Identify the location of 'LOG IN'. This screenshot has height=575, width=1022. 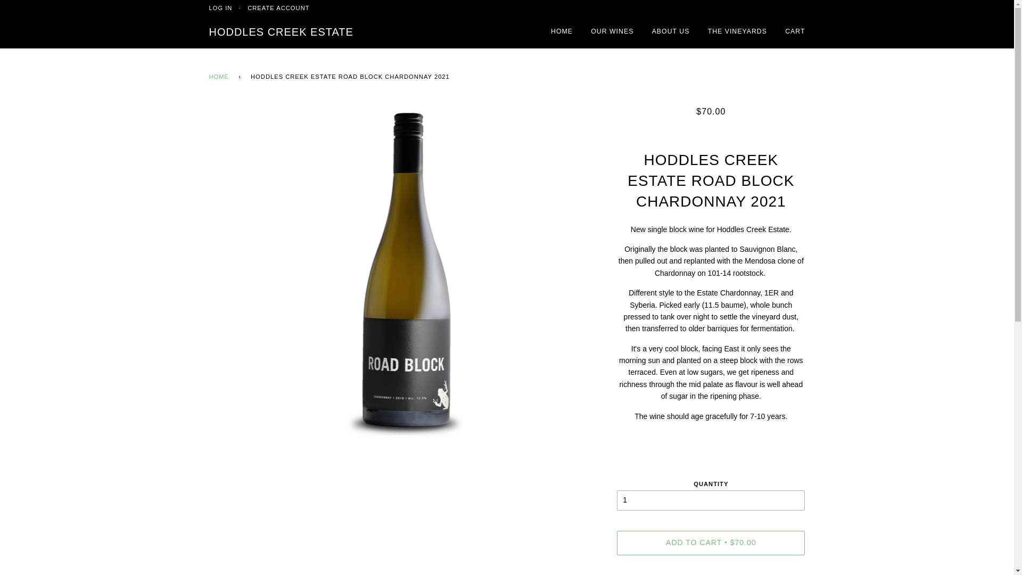
(219, 8).